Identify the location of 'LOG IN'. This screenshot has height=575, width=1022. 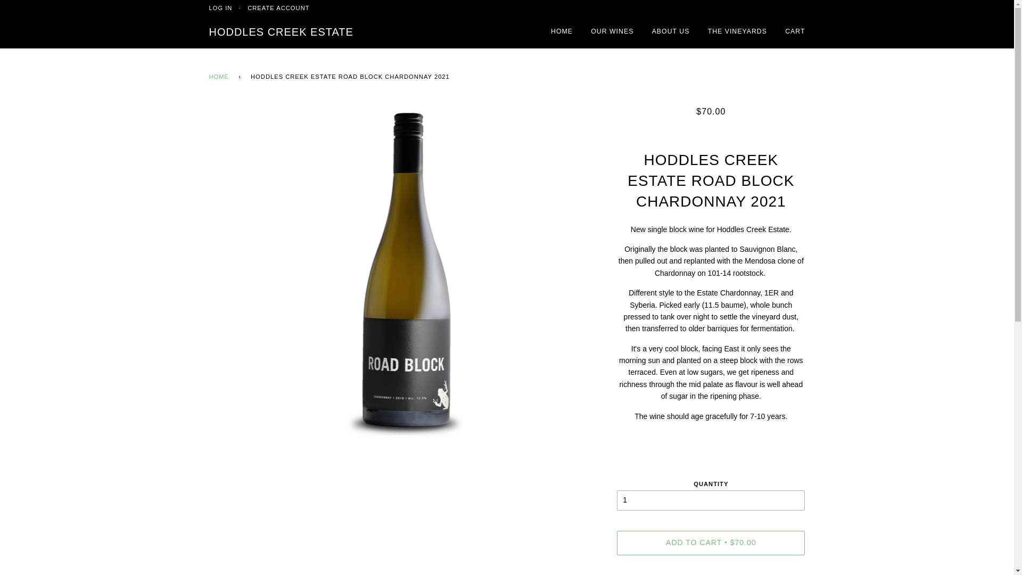
(219, 8).